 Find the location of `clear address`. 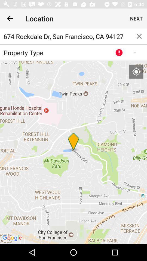

clear address is located at coordinates (139, 36).